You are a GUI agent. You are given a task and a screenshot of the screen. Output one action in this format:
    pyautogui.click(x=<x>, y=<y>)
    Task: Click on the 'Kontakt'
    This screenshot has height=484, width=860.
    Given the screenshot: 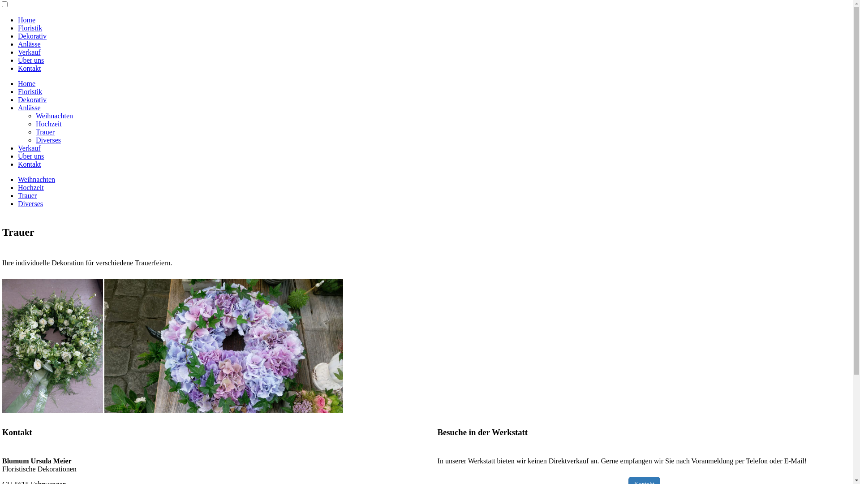 What is the action you would take?
    pyautogui.click(x=30, y=68)
    